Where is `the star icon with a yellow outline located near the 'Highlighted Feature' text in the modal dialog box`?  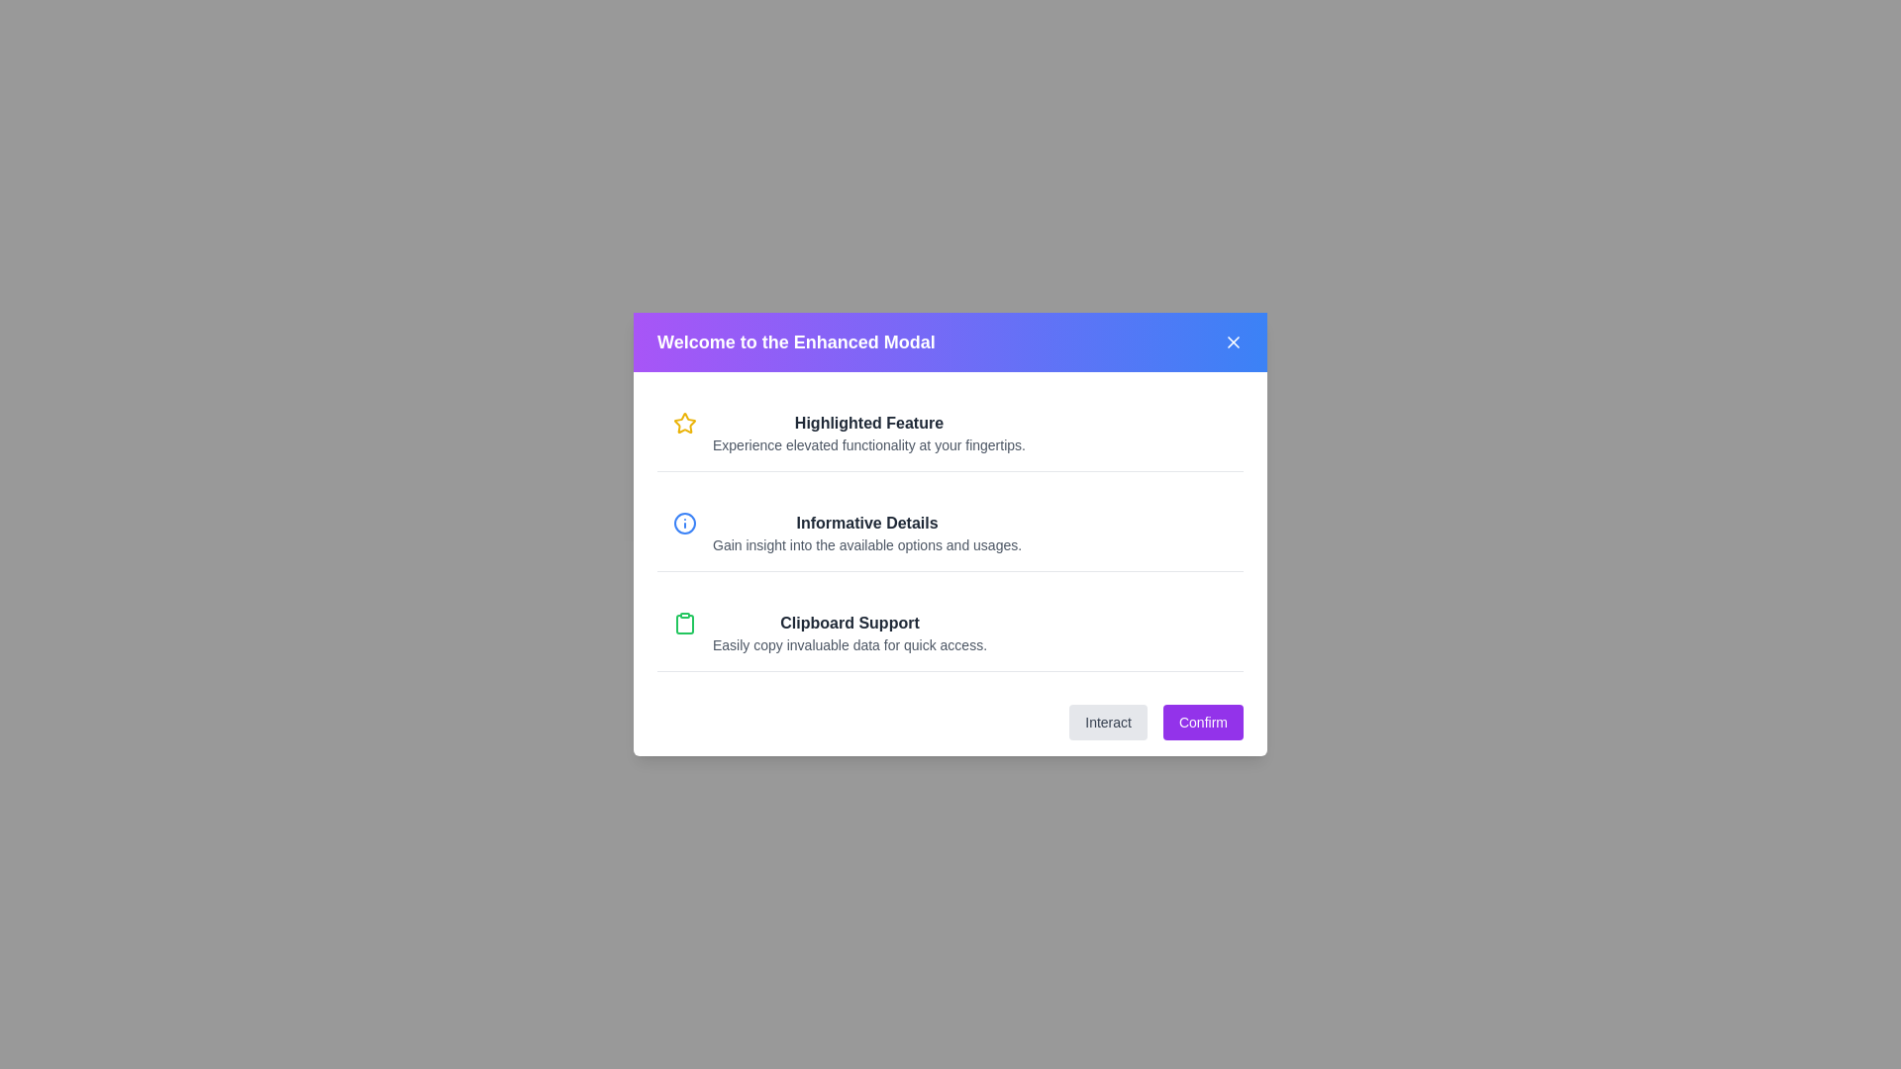 the star icon with a yellow outline located near the 'Highlighted Feature' text in the modal dialog box is located at coordinates (684, 422).